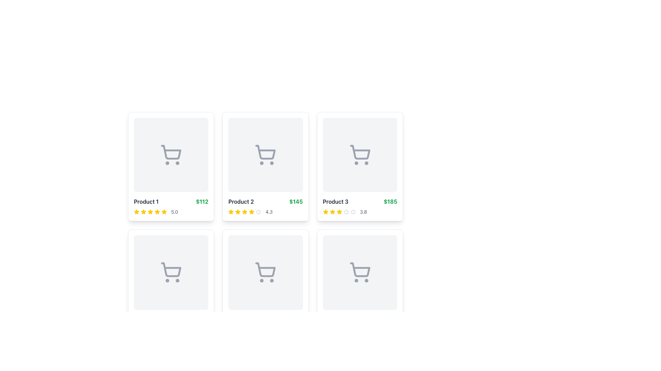 The height and width of the screenshot is (371, 661). What do you see at coordinates (346, 212) in the screenshot?
I see `the fifth star icon in the rating system for 'Product 3', which visually indicates a non-filled rating level` at bounding box center [346, 212].